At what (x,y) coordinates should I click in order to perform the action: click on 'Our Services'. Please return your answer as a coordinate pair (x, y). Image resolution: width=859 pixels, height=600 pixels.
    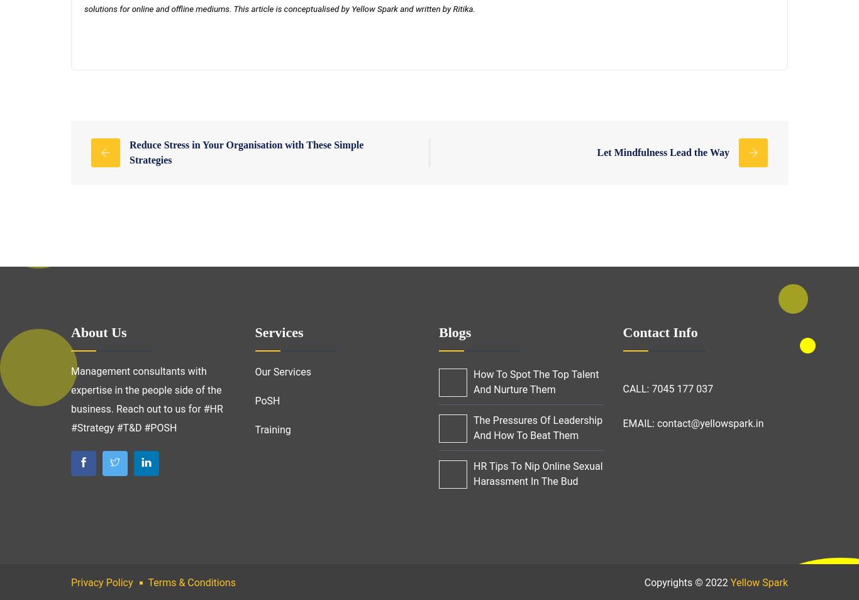
    Looking at the image, I should click on (282, 371).